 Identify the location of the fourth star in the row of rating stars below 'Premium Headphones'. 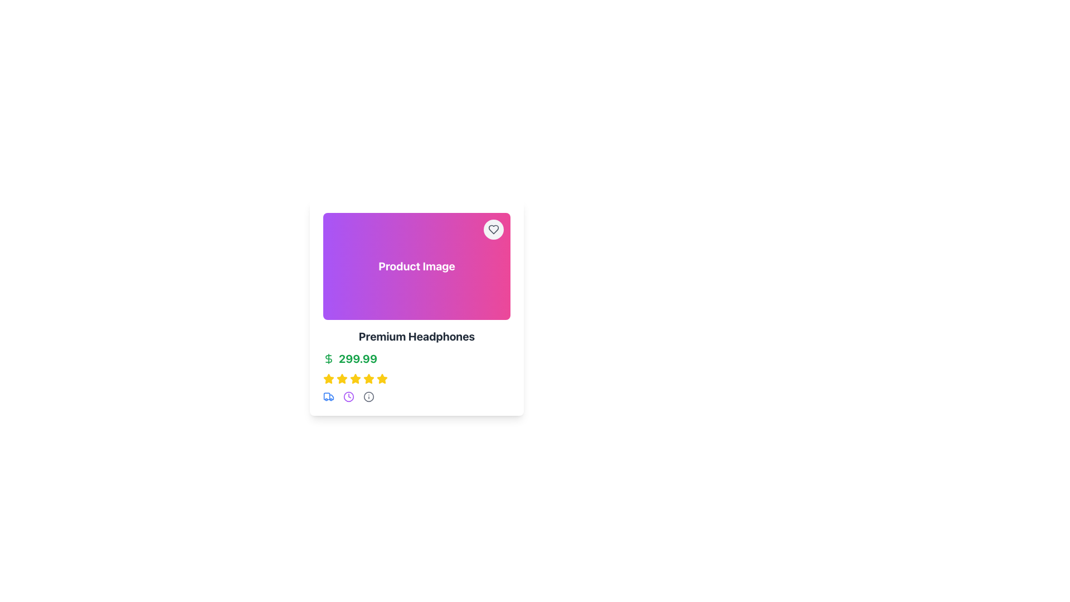
(369, 378).